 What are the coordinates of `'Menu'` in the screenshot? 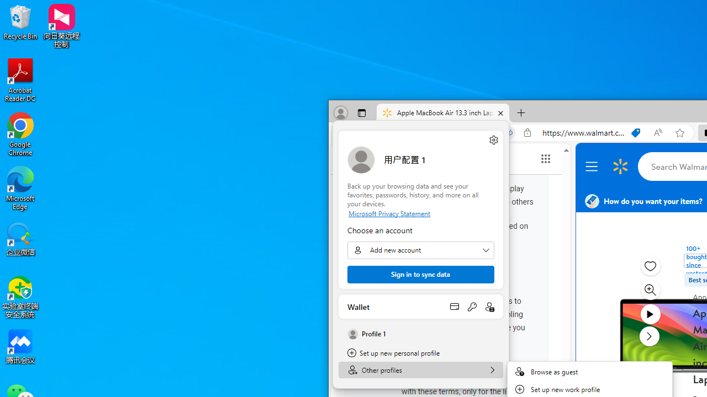 It's located at (593, 167).